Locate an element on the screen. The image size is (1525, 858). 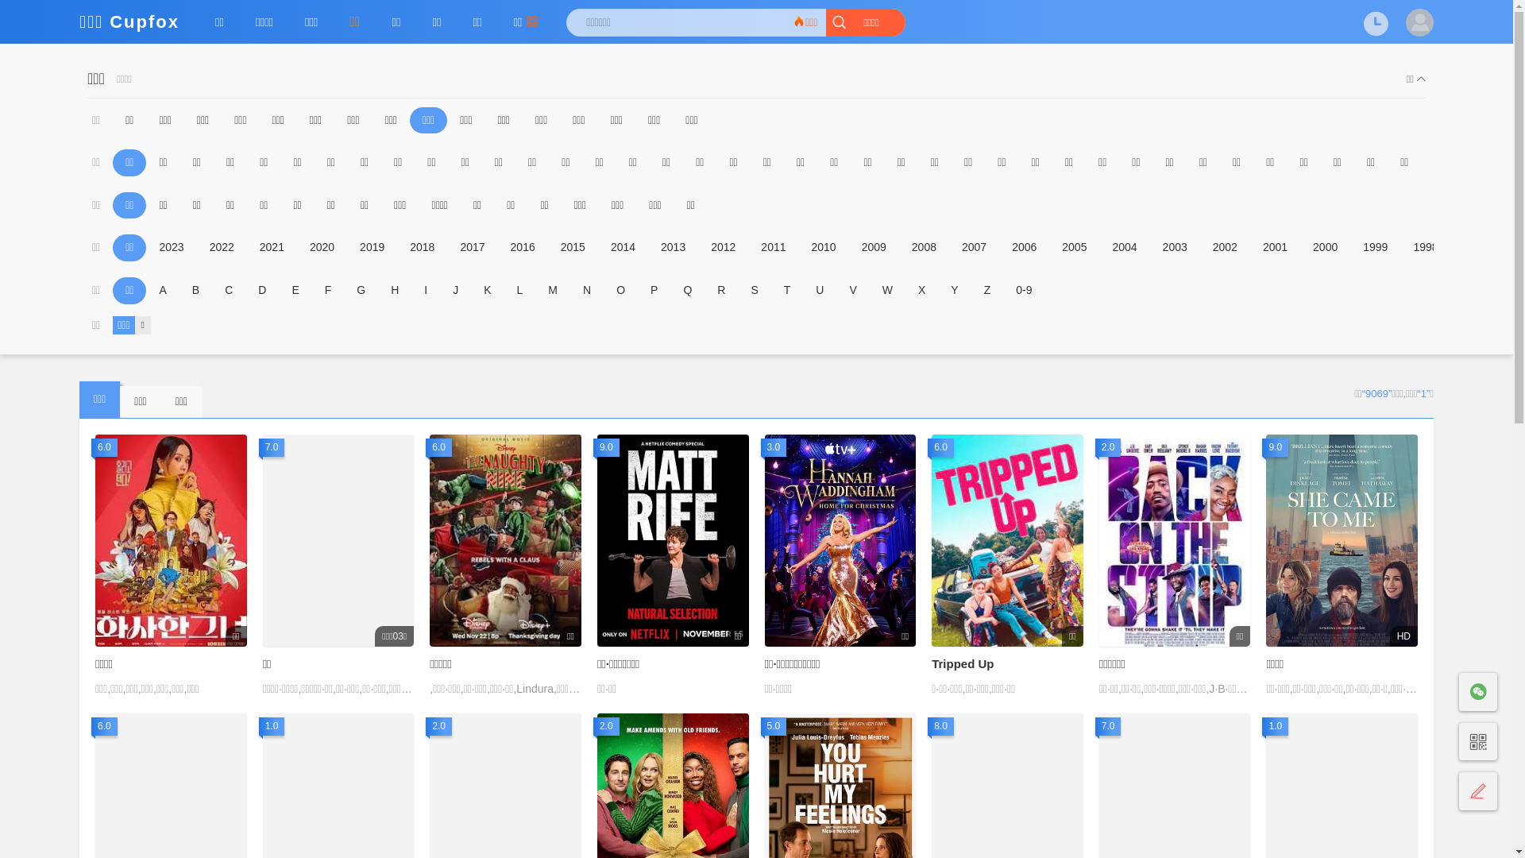
'2023' is located at coordinates (171, 248).